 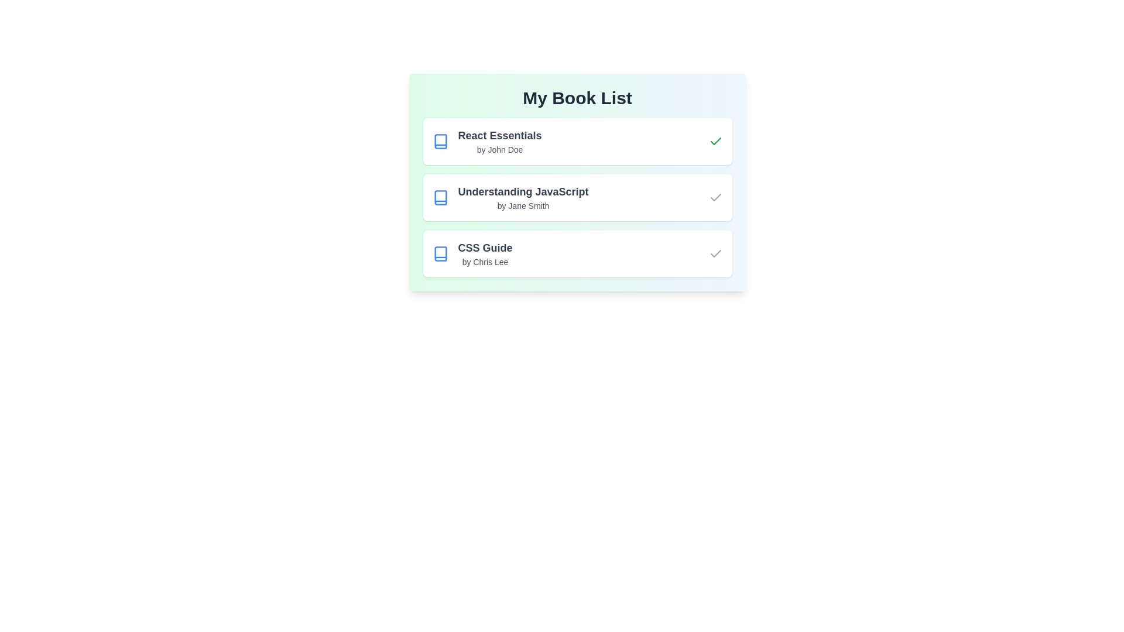 I want to click on the icon next to the book title to inspect it, so click(x=440, y=141).